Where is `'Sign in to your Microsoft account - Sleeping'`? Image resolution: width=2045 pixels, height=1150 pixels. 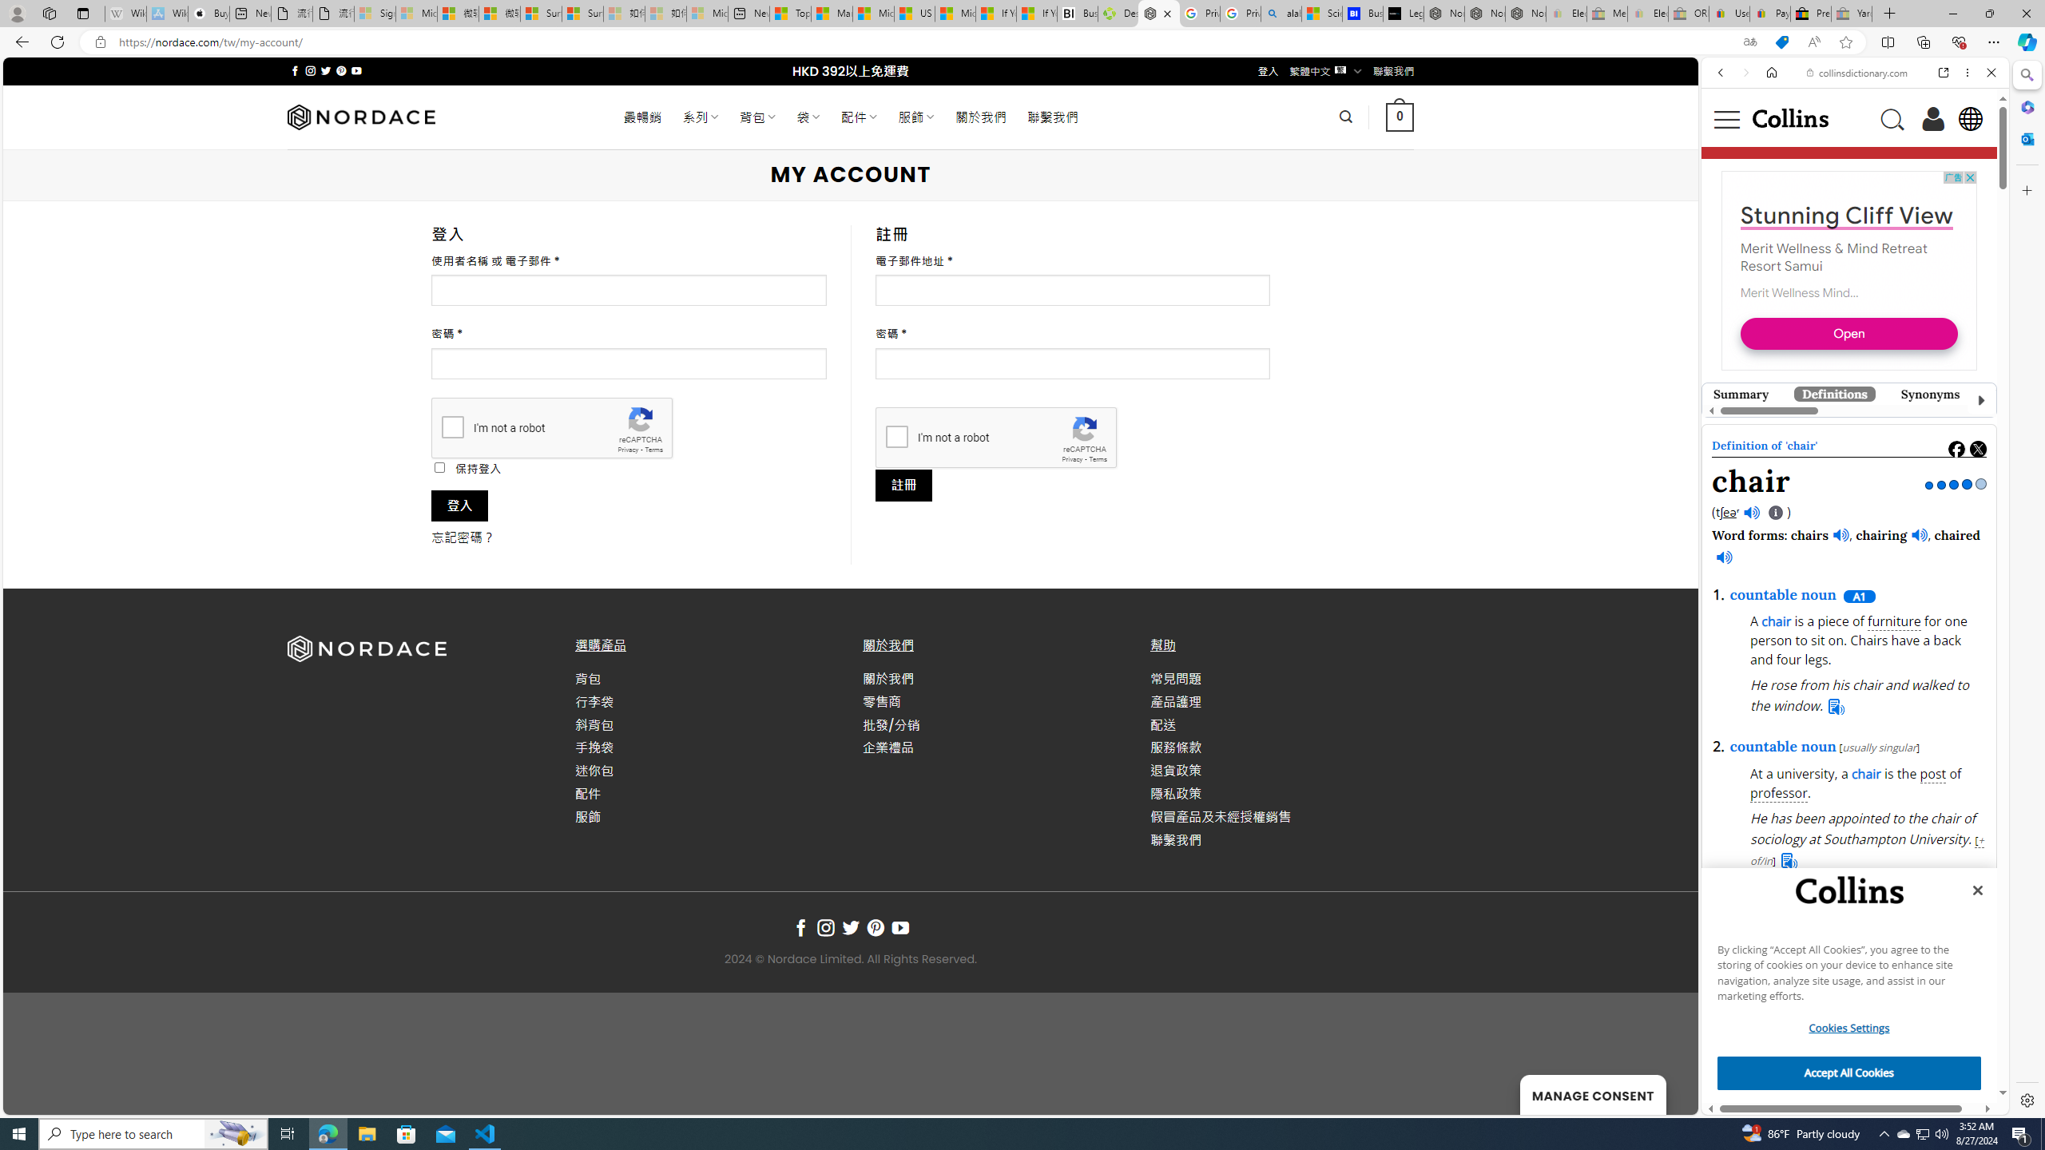 'Sign in to your Microsoft account - Sleeping' is located at coordinates (374, 13).